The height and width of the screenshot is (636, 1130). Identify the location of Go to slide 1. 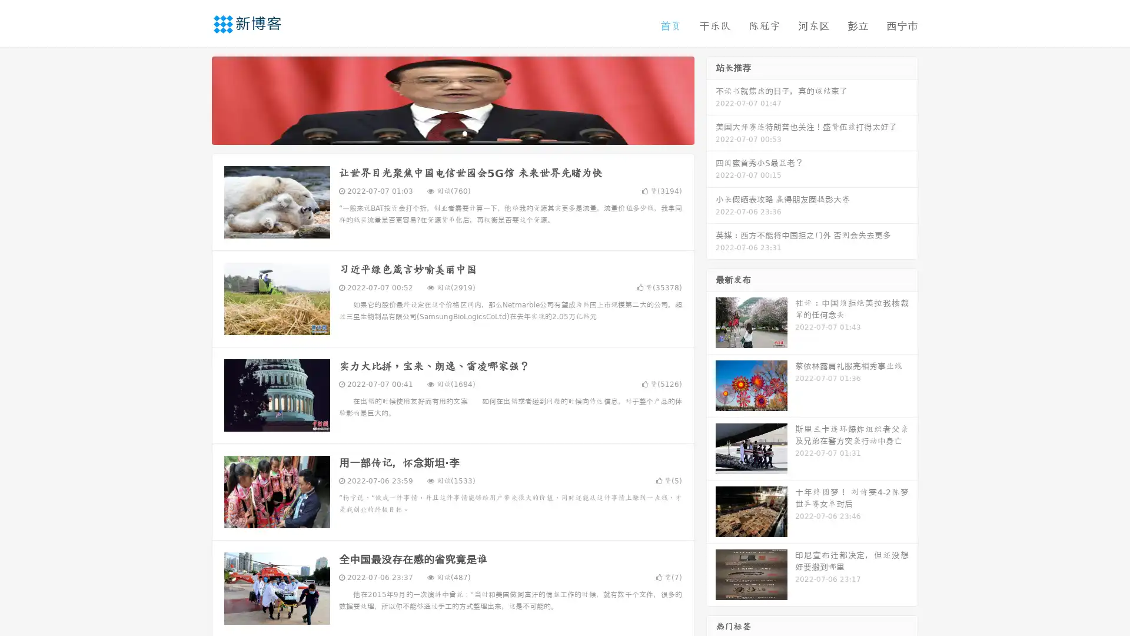
(440, 132).